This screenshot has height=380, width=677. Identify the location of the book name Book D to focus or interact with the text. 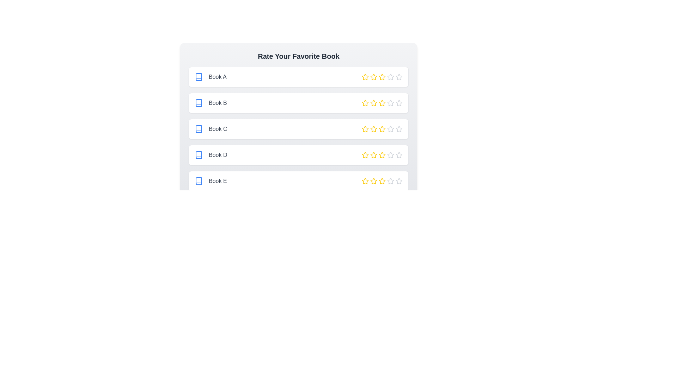
(211, 154).